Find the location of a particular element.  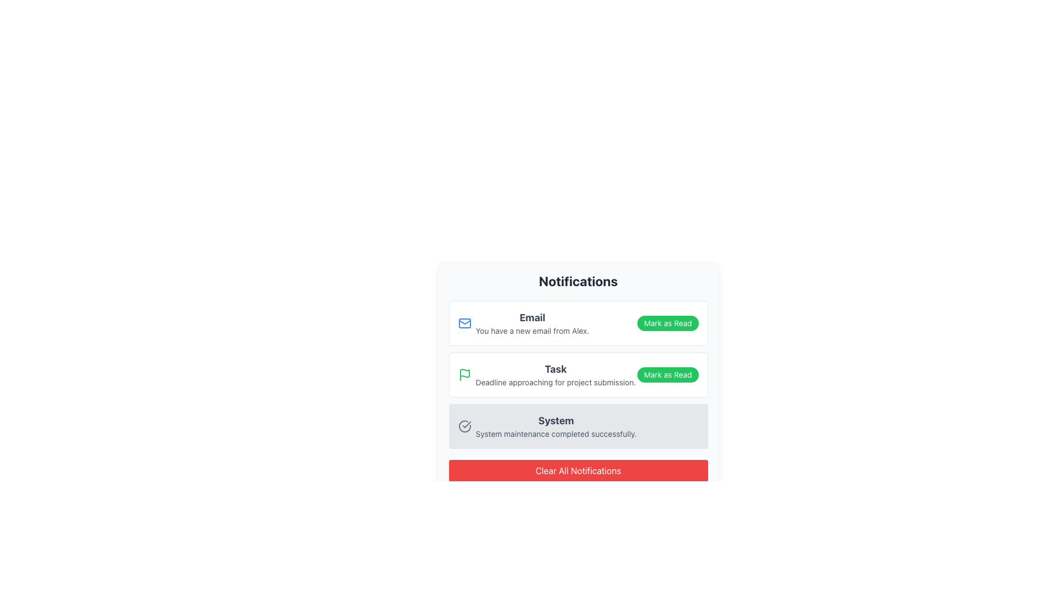

the email notification represented by the blue outlined envelope SVG graphic component located to the left of the 'Email' text label is located at coordinates (464, 323).